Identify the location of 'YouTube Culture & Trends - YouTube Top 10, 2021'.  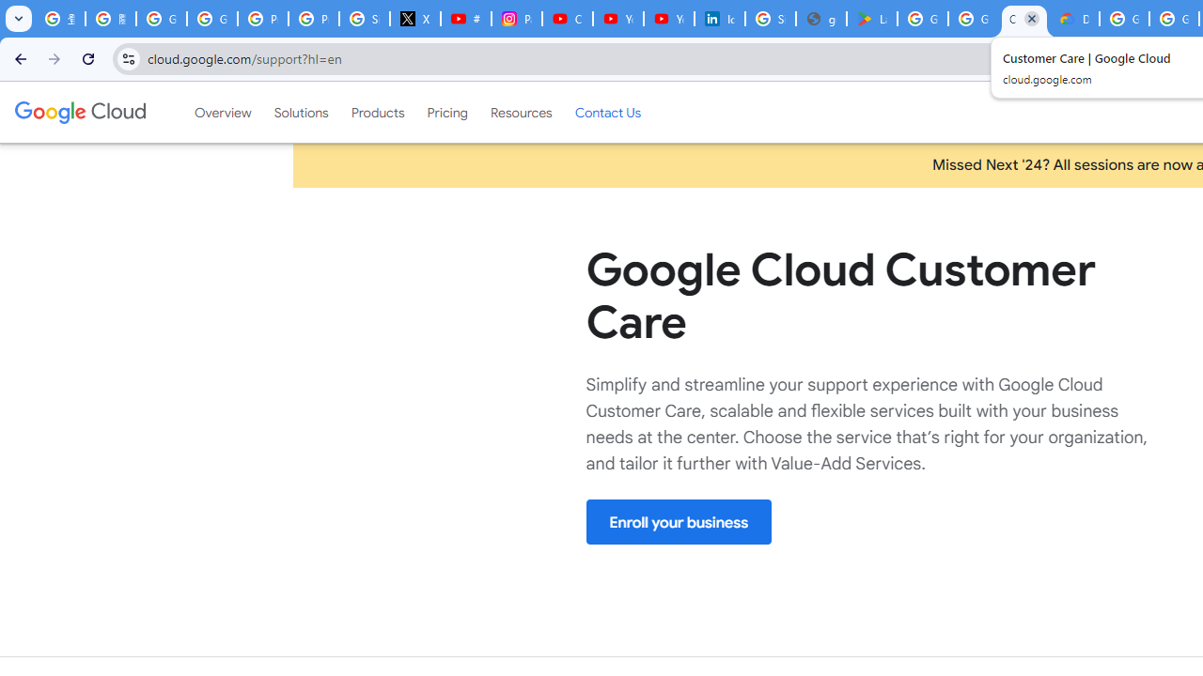
(668, 19).